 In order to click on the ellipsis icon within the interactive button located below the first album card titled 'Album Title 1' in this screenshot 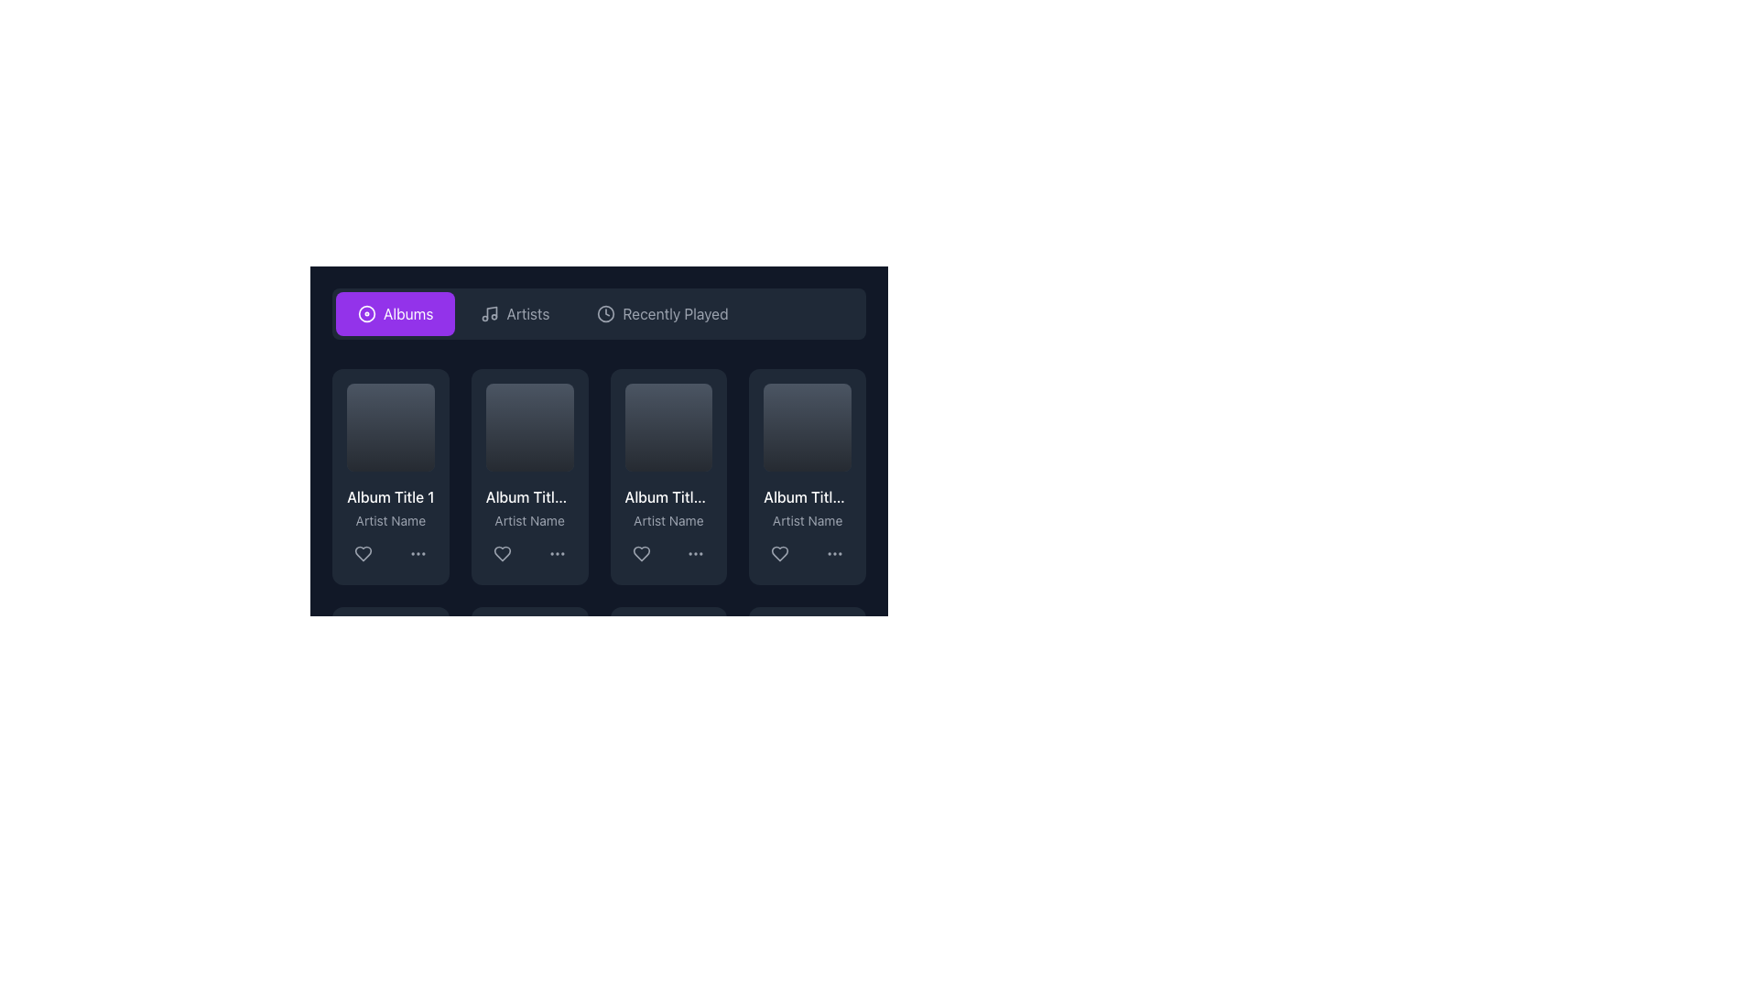, I will do `click(417, 552)`.